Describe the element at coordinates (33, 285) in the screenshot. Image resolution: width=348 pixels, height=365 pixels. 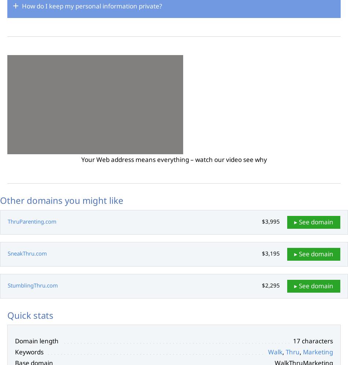
I see `'StumblingThru.com'` at that location.